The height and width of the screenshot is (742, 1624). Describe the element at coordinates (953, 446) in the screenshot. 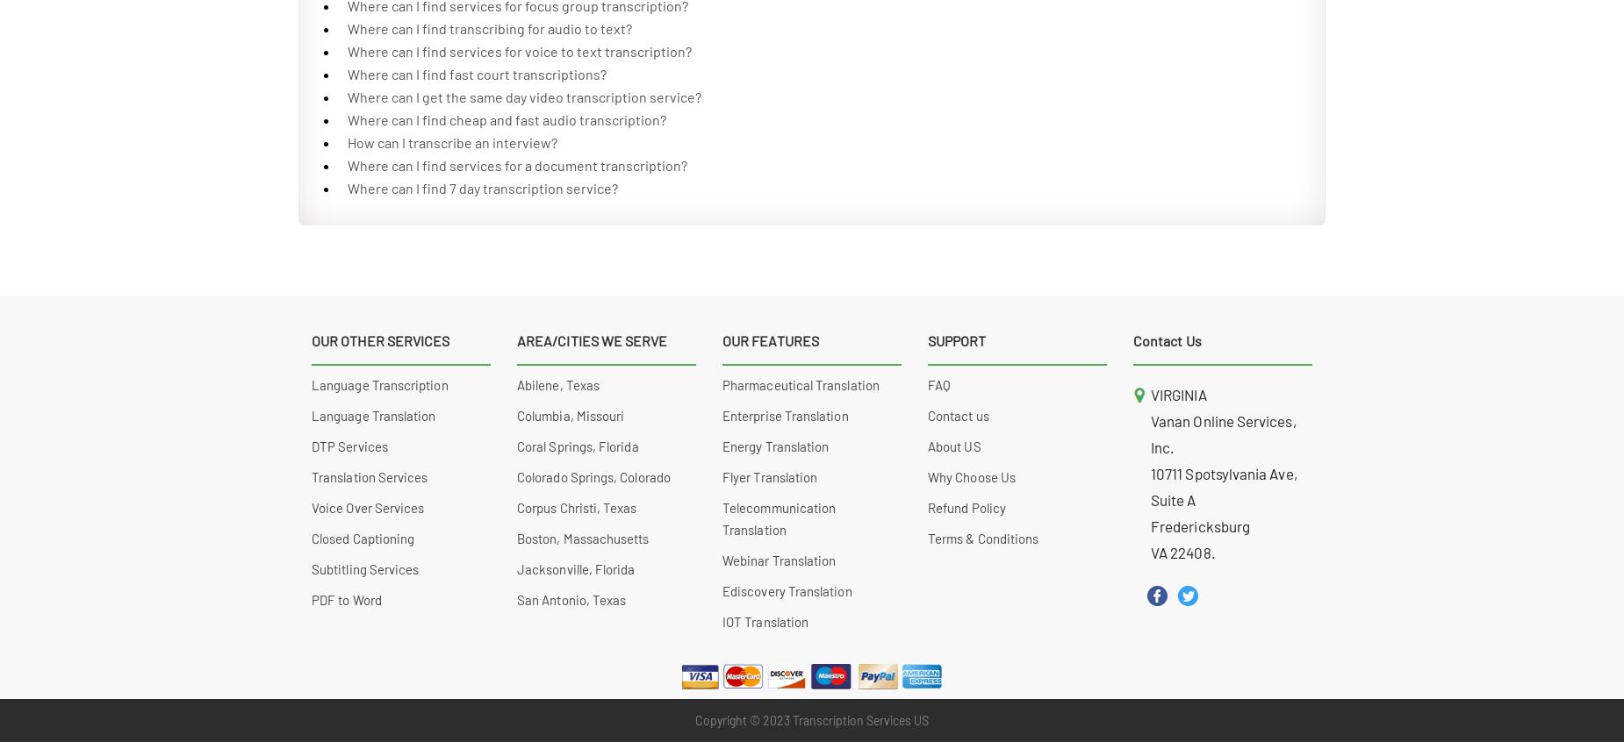

I see `'About US'` at that location.